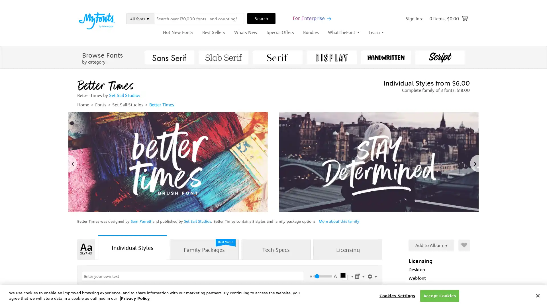 Image resolution: width=547 pixels, height=308 pixels. What do you see at coordinates (140, 18) in the screenshot?
I see `All fonts` at bounding box center [140, 18].